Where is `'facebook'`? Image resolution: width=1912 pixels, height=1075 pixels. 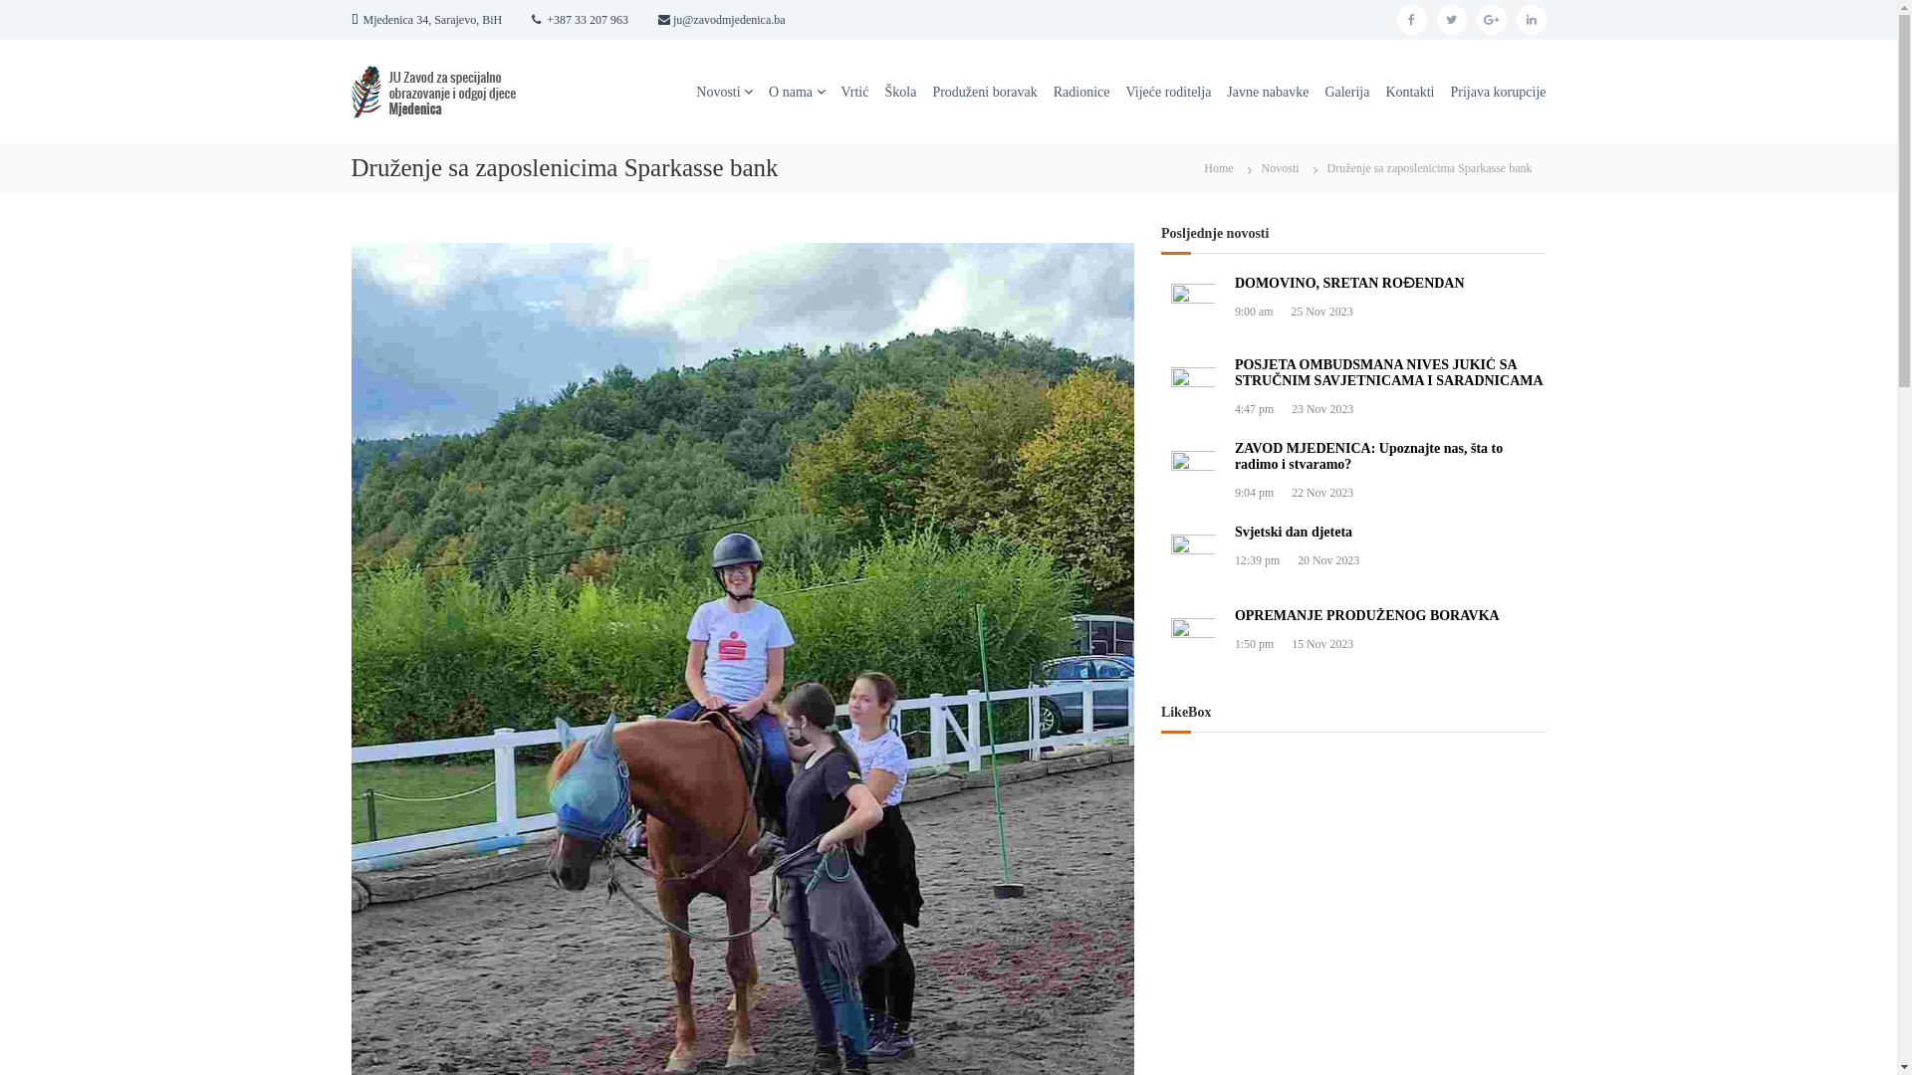 'facebook' is located at coordinates (1409, 19).